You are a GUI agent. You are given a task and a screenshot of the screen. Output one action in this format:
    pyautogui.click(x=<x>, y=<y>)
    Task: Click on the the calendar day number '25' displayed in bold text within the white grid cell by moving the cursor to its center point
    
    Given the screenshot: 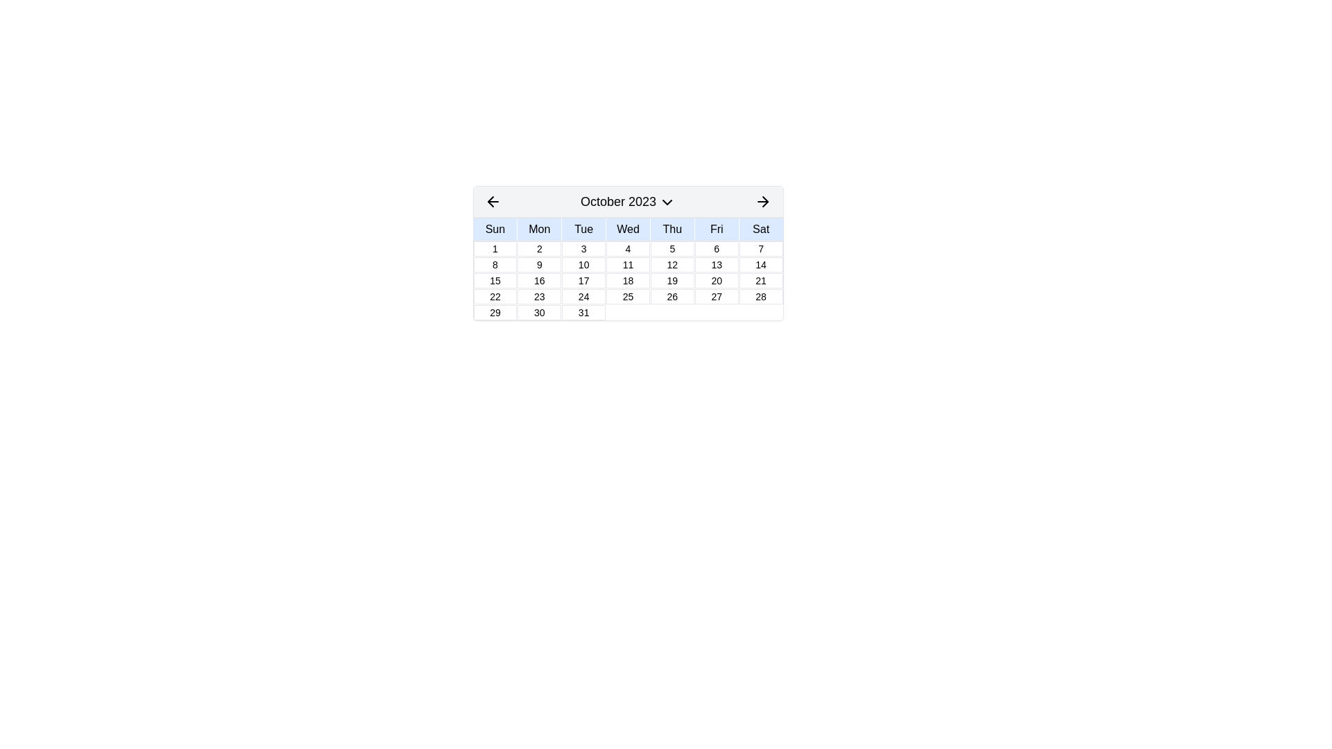 What is the action you would take?
    pyautogui.click(x=627, y=296)
    